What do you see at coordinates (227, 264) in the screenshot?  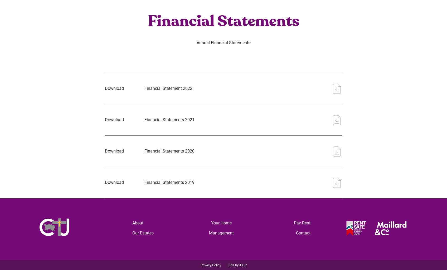 I see `'|'` at bounding box center [227, 264].